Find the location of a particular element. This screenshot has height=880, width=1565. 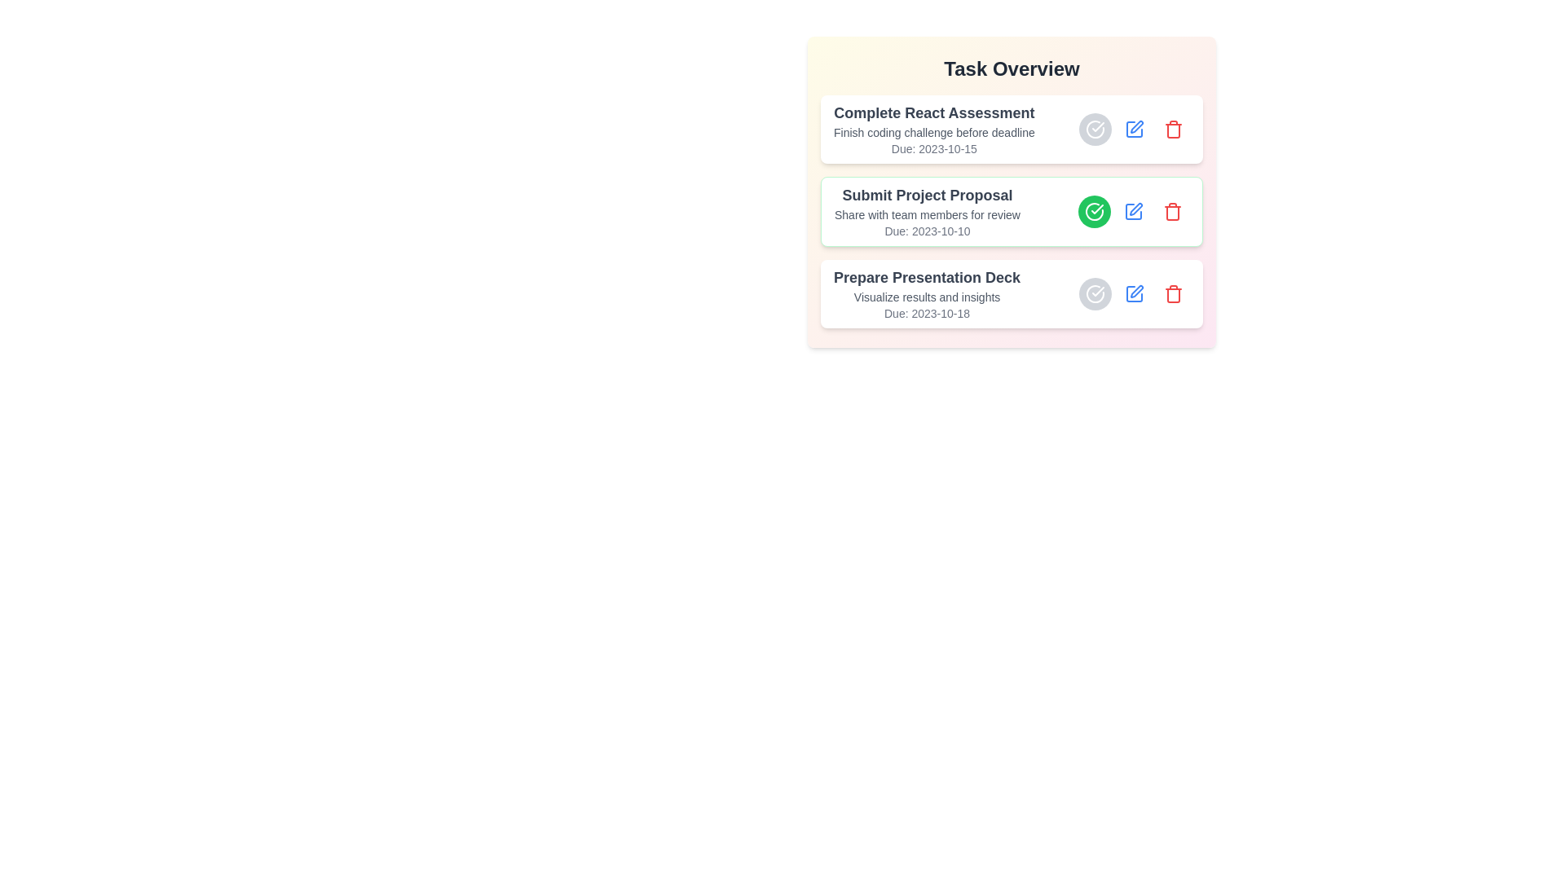

the edit button next to the task 'Complete React Assessment' is located at coordinates (1134, 128).